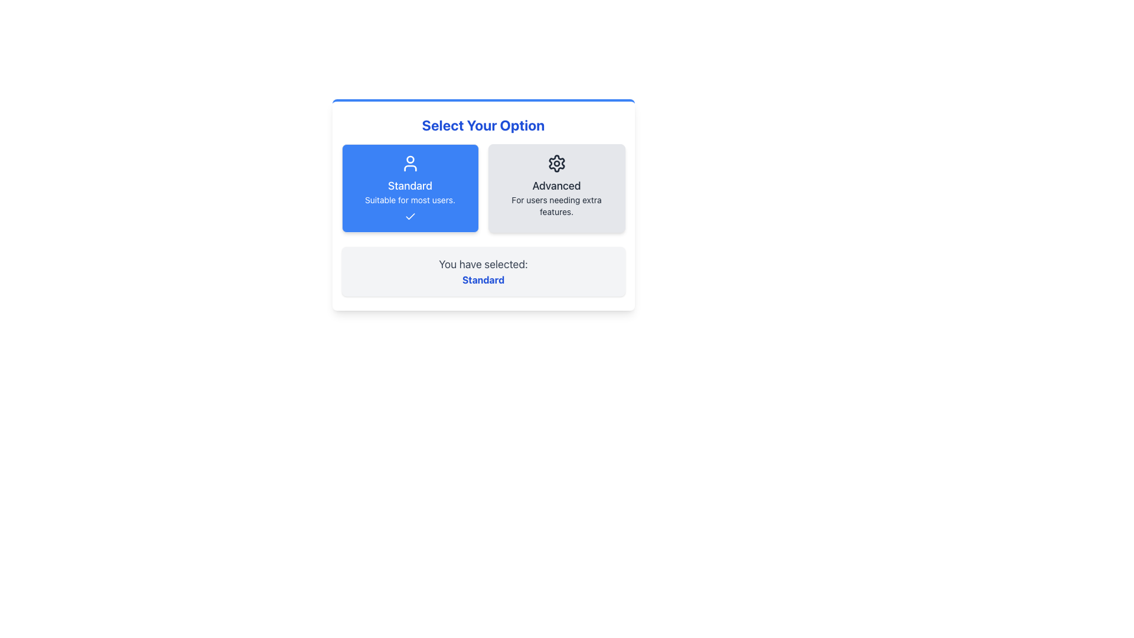 The height and width of the screenshot is (638, 1134). I want to click on the text element that reads 'For users needing extra features.' which is styled in muted gray and located below the 'Advanced' header inside the Advanced option card, so click(556, 205).